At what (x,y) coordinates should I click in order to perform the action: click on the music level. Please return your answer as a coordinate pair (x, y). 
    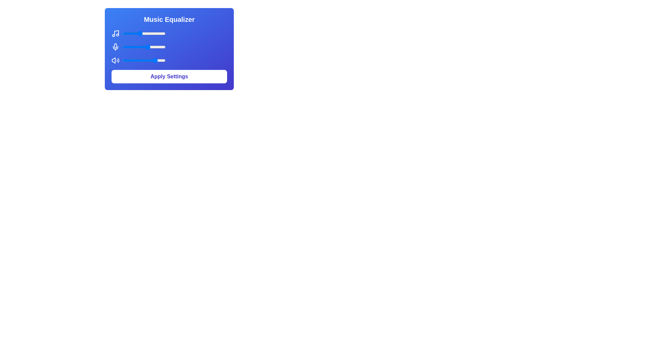
    Looking at the image, I should click on (130, 34).